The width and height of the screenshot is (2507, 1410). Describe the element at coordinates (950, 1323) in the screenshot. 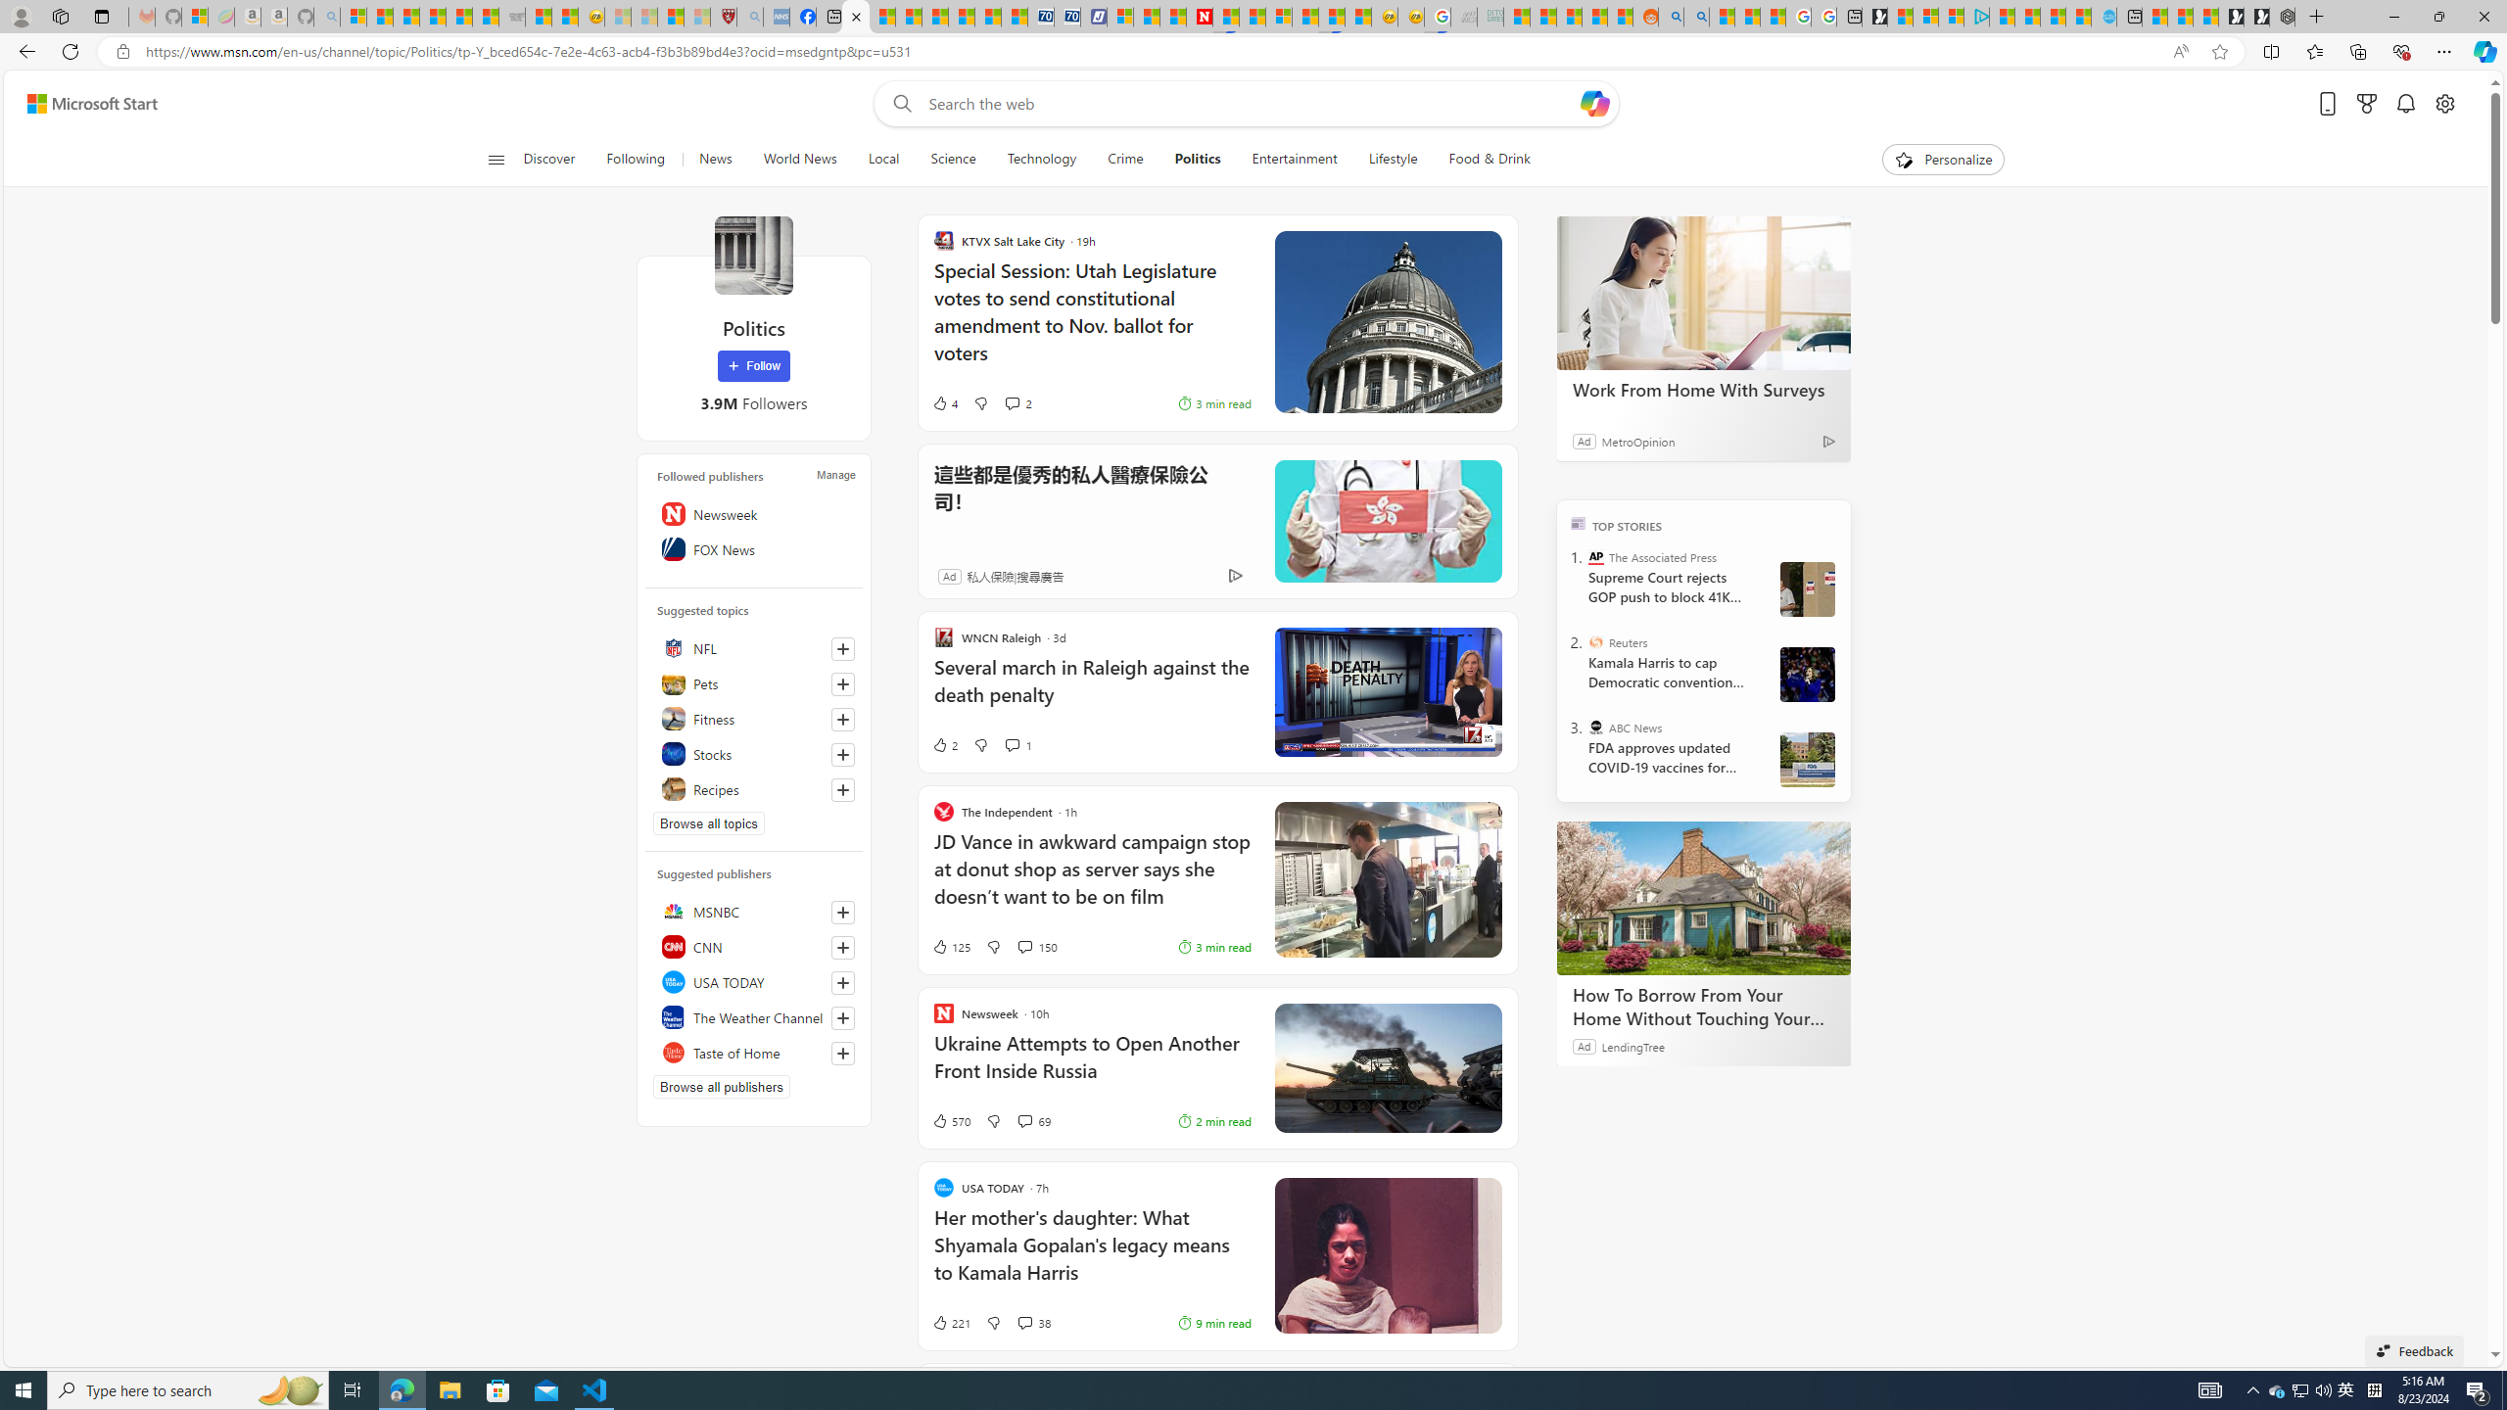

I see `'221 Like'` at that location.